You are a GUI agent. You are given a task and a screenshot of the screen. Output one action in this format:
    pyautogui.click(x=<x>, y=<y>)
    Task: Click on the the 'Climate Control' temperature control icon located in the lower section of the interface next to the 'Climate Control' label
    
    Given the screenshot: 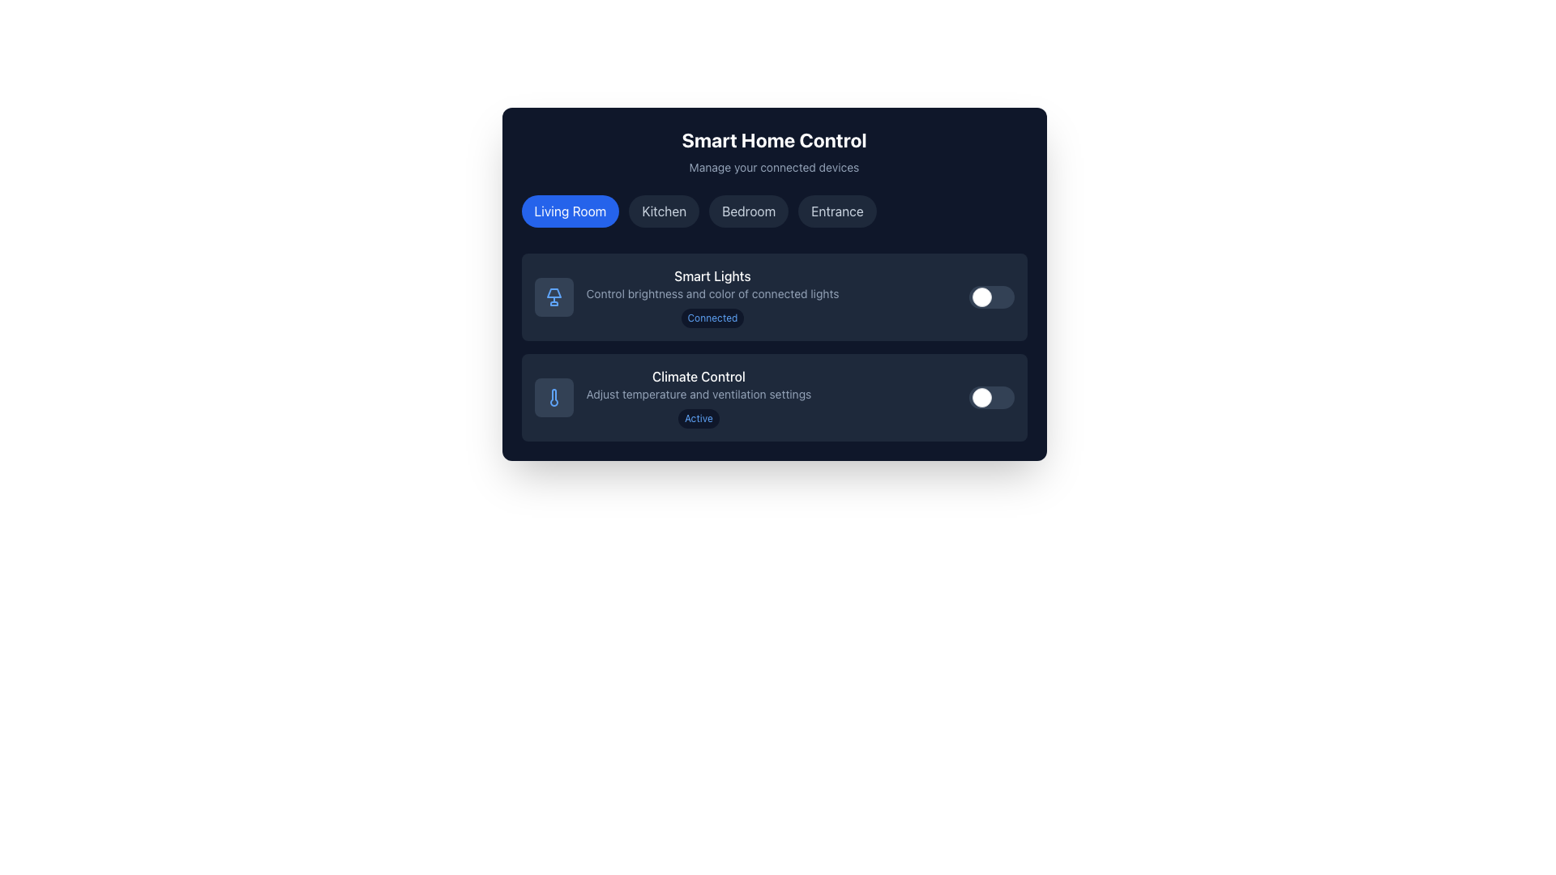 What is the action you would take?
    pyautogui.click(x=554, y=397)
    